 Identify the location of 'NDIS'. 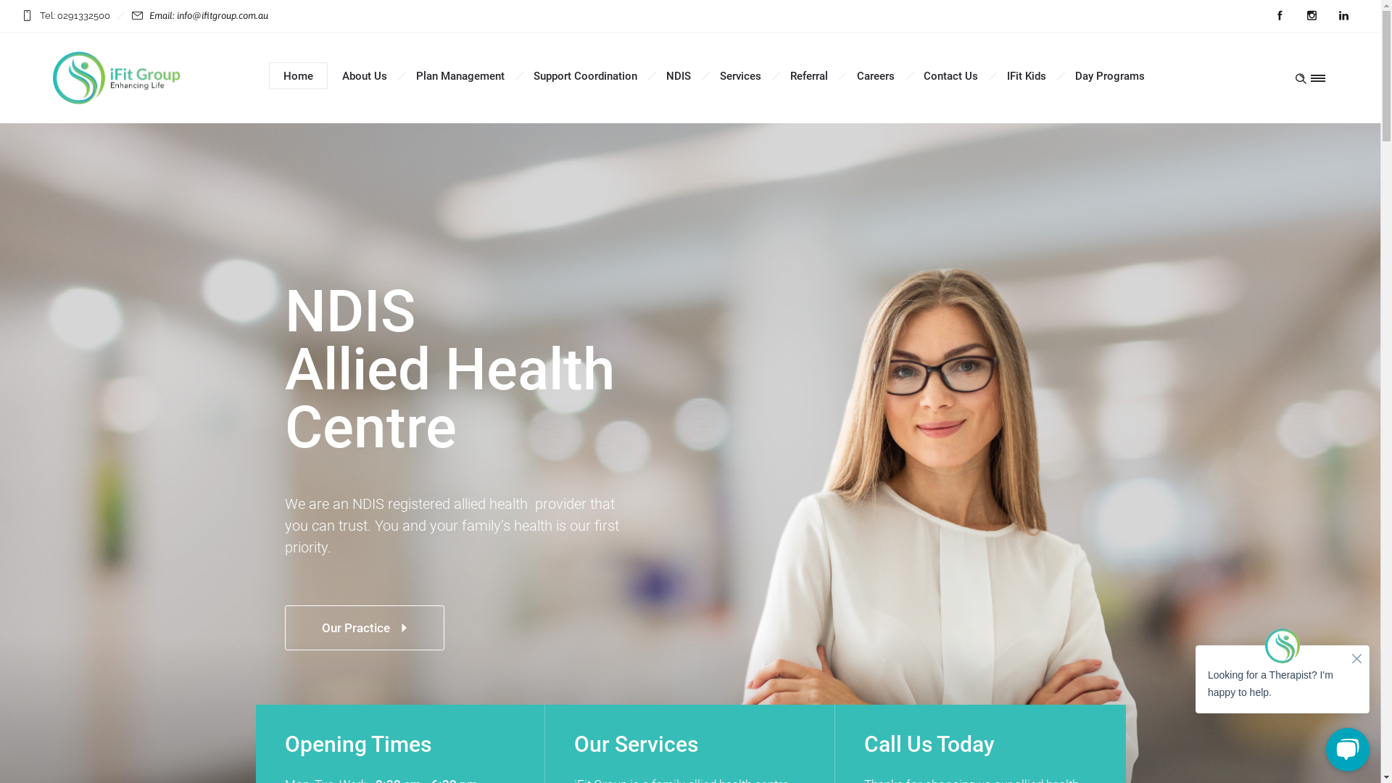
(678, 75).